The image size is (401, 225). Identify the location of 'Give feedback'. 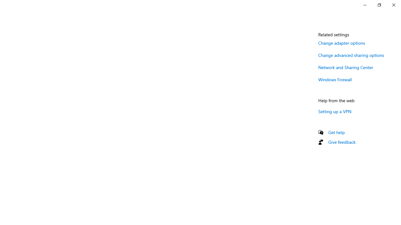
(341, 142).